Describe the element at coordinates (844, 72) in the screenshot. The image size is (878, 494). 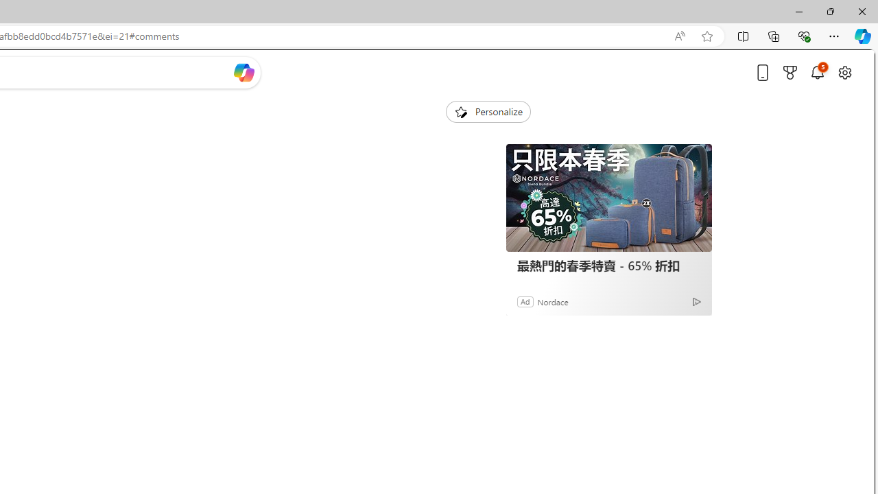
I see `'Open settings'` at that location.